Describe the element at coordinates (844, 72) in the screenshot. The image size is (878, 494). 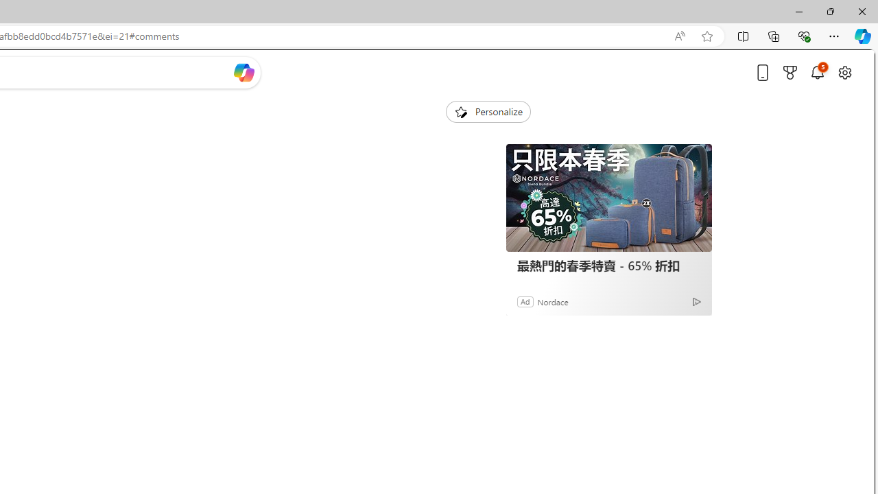
I see `'Open settings'` at that location.